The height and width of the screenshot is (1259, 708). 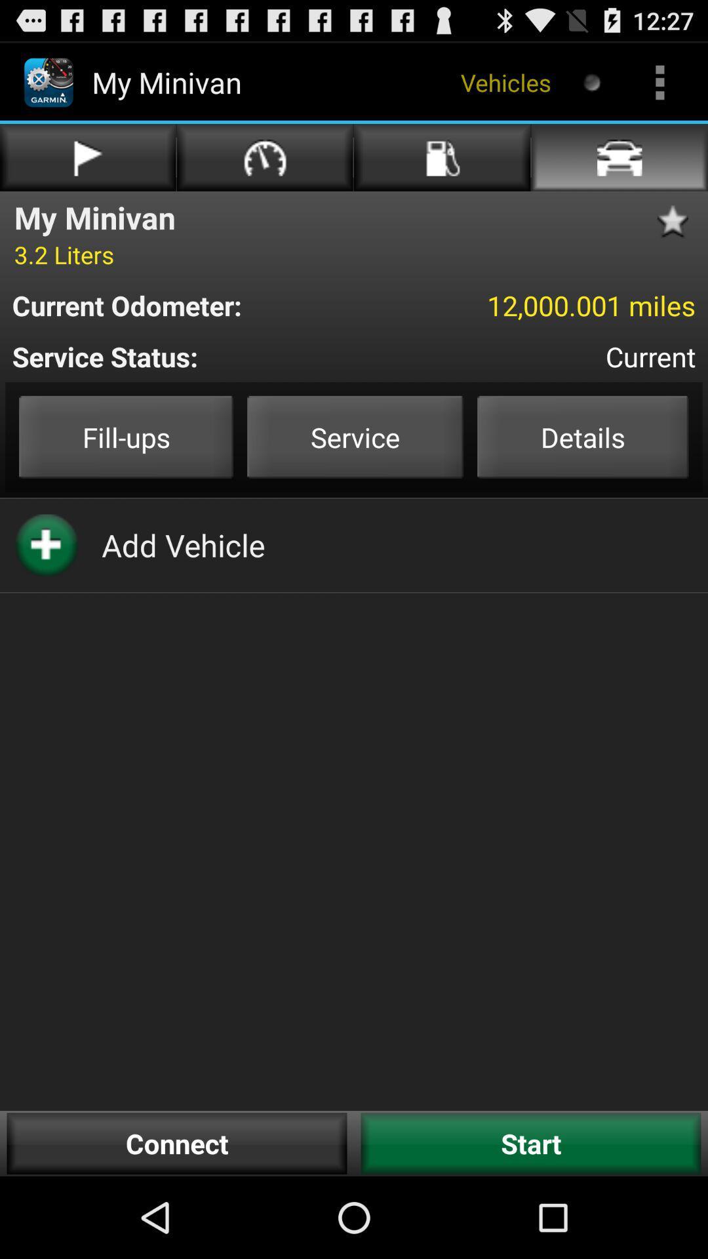 I want to click on the start icon, so click(x=531, y=1143).